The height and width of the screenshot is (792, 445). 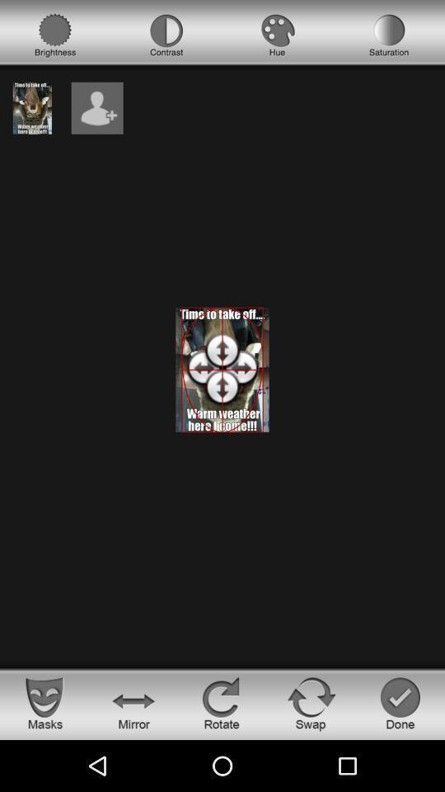 What do you see at coordinates (166, 35) in the screenshot?
I see `adjust contrast` at bounding box center [166, 35].